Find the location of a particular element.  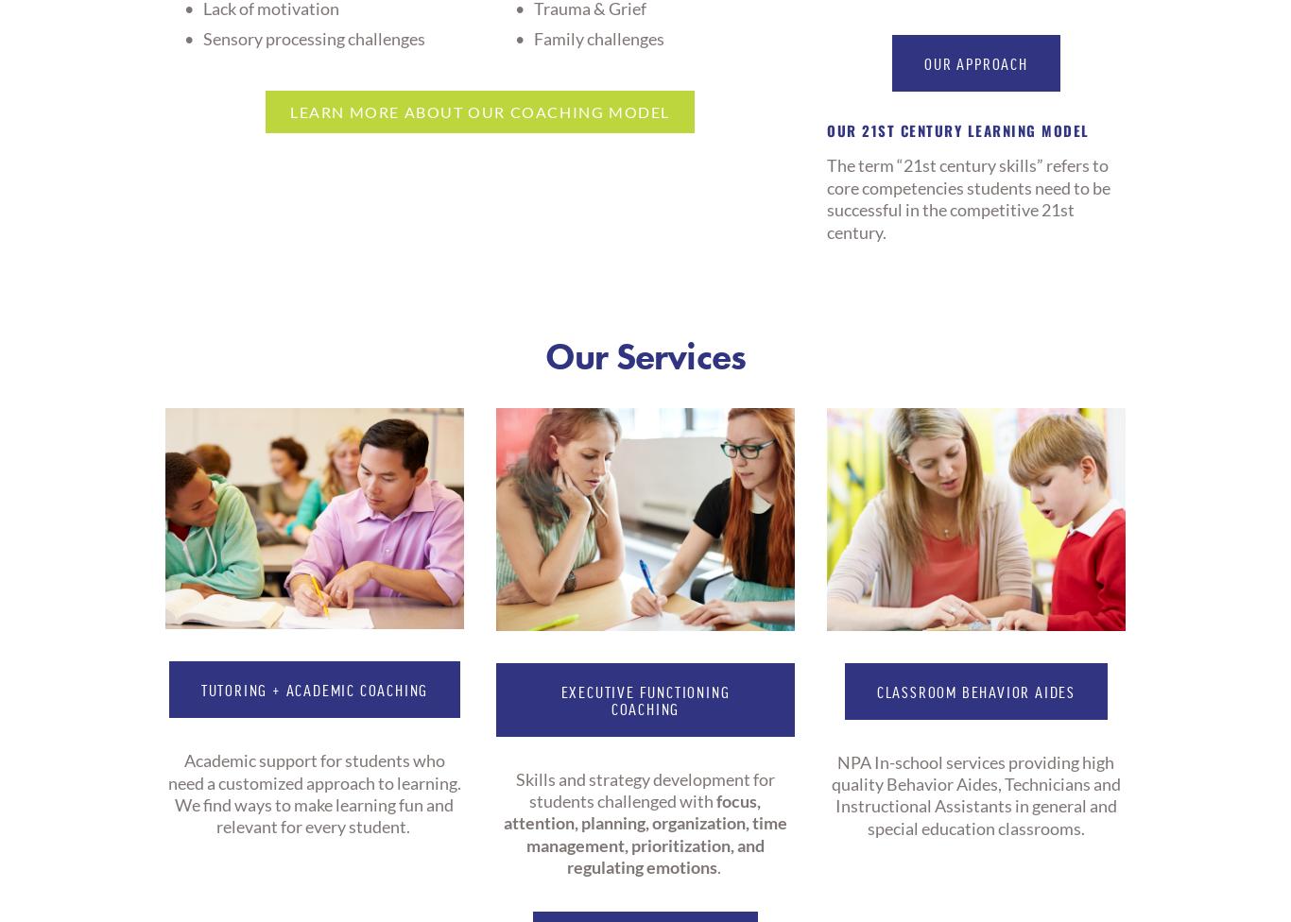

'NPA In-school services providing high quality Behavior Aides, Technicians and Instructional Assistants in general and special education classrooms.' is located at coordinates (830, 794).